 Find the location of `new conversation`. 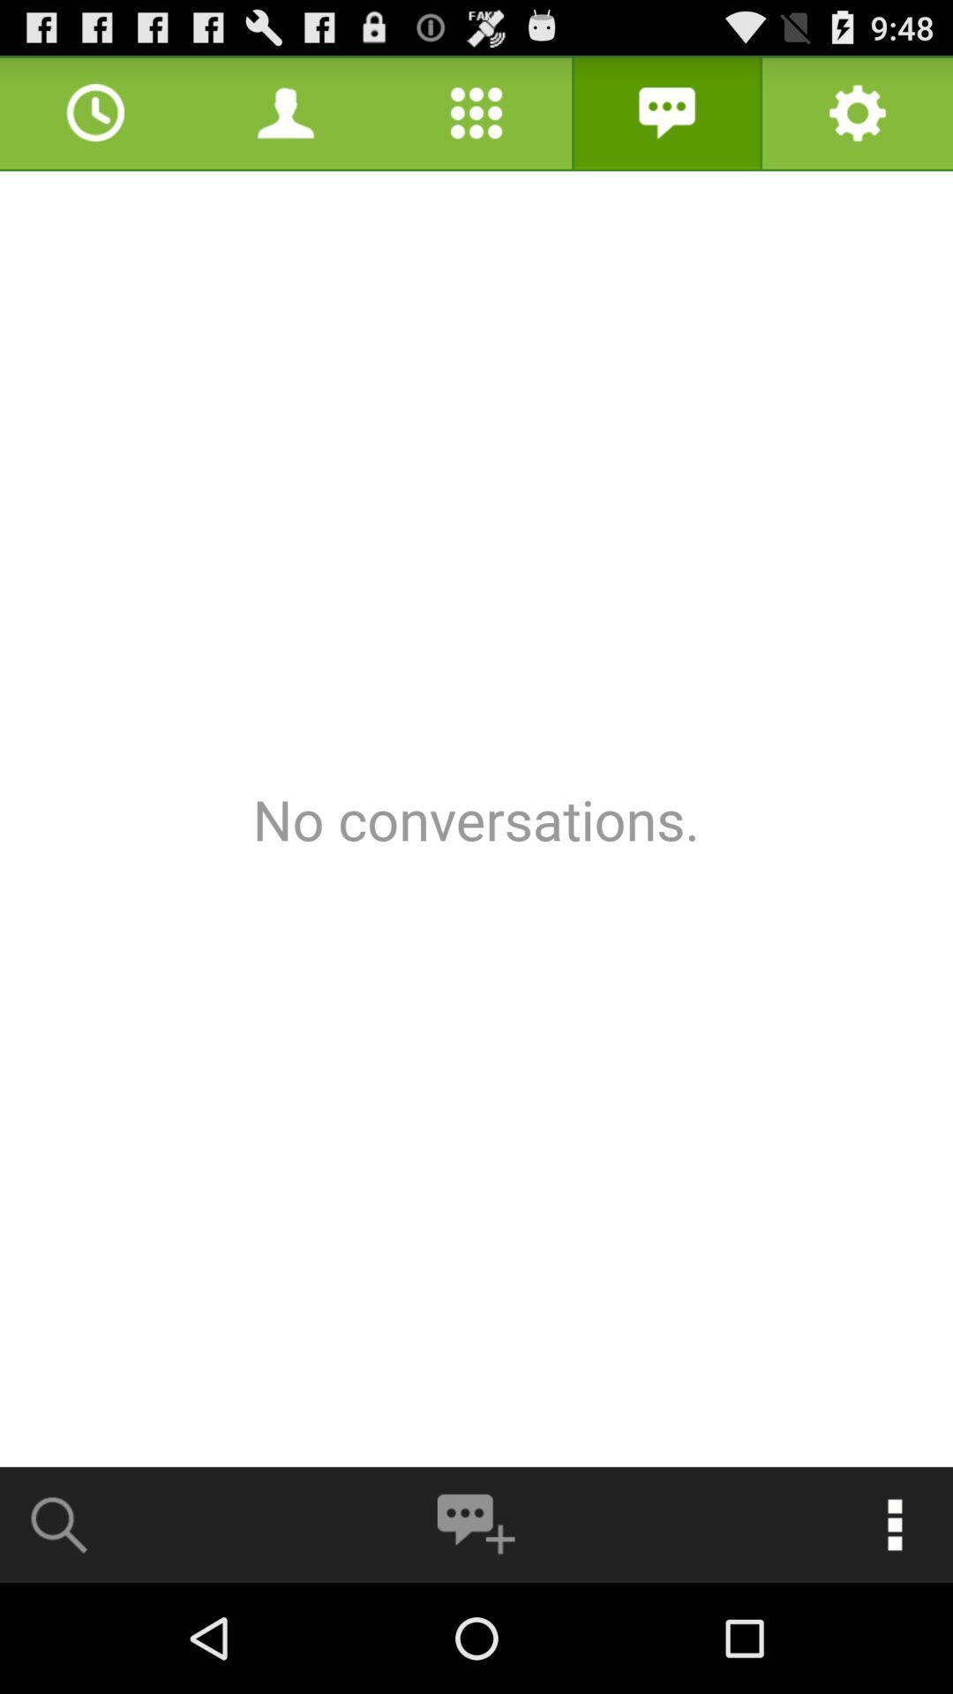

new conversation is located at coordinates (475, 1524).